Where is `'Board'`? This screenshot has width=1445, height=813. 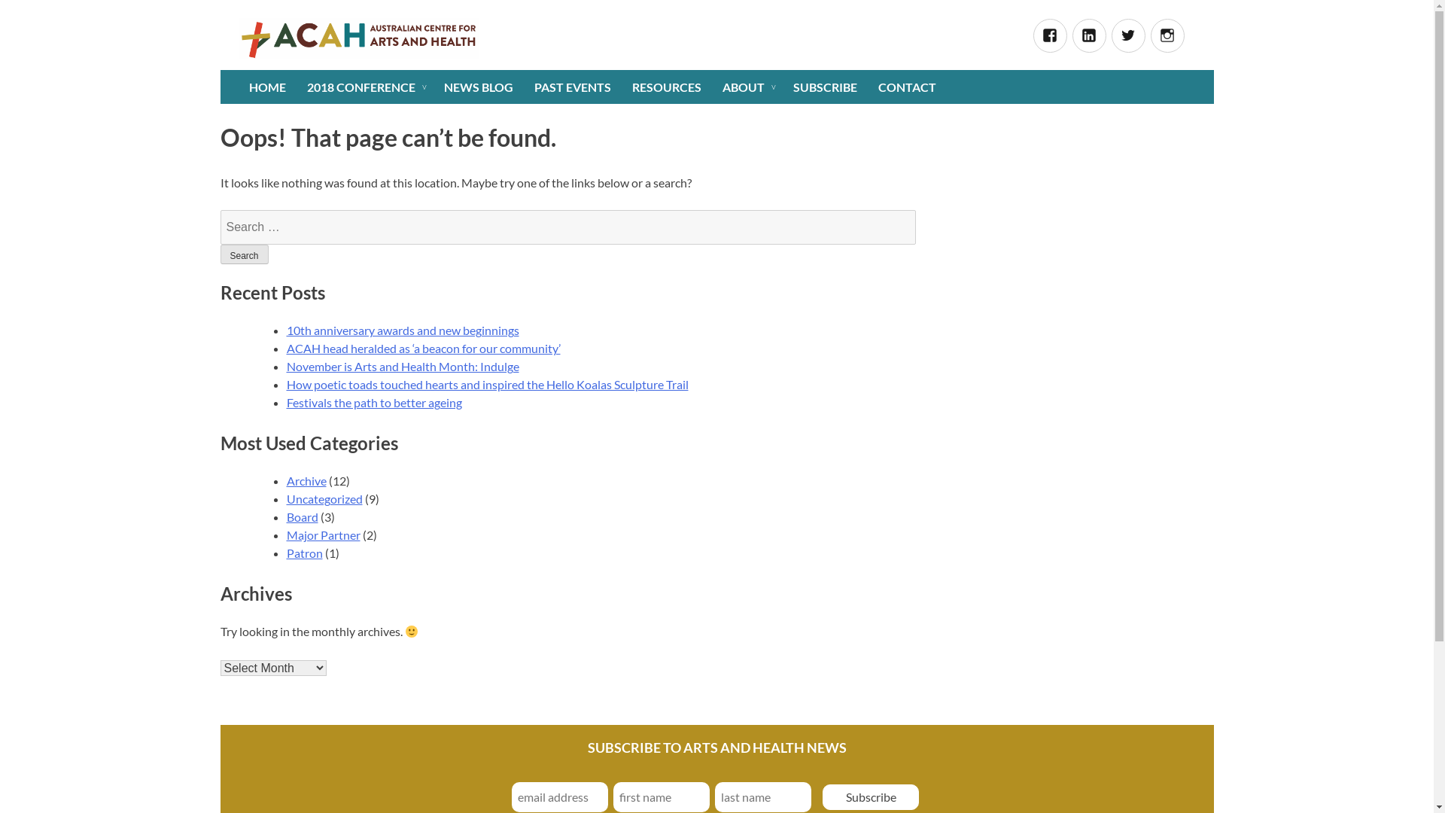
'Board' is located at coordinates (301, 516).